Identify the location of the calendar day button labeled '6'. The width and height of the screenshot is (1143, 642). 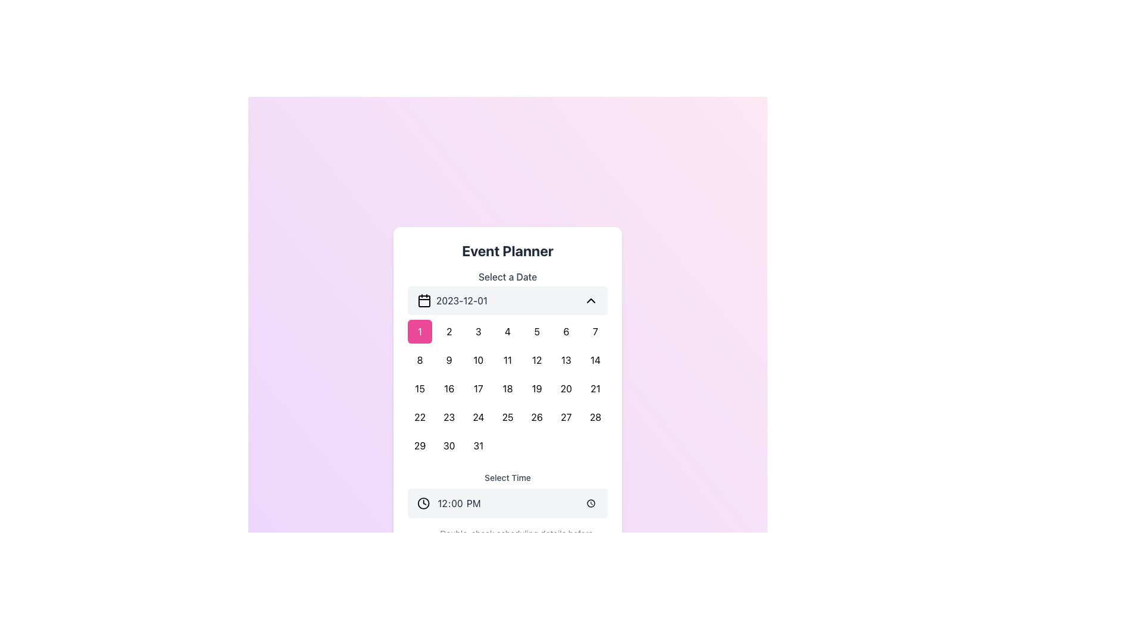
(566, 332).